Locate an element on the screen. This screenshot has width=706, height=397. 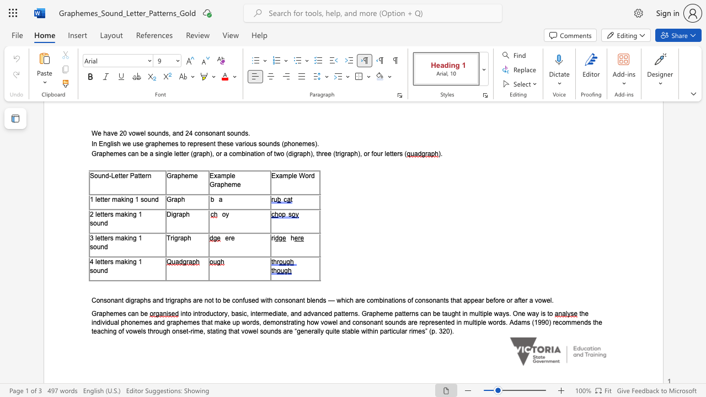
the subset text "be" within the text "Graphemes can be" is located at coordinates (140, 313).